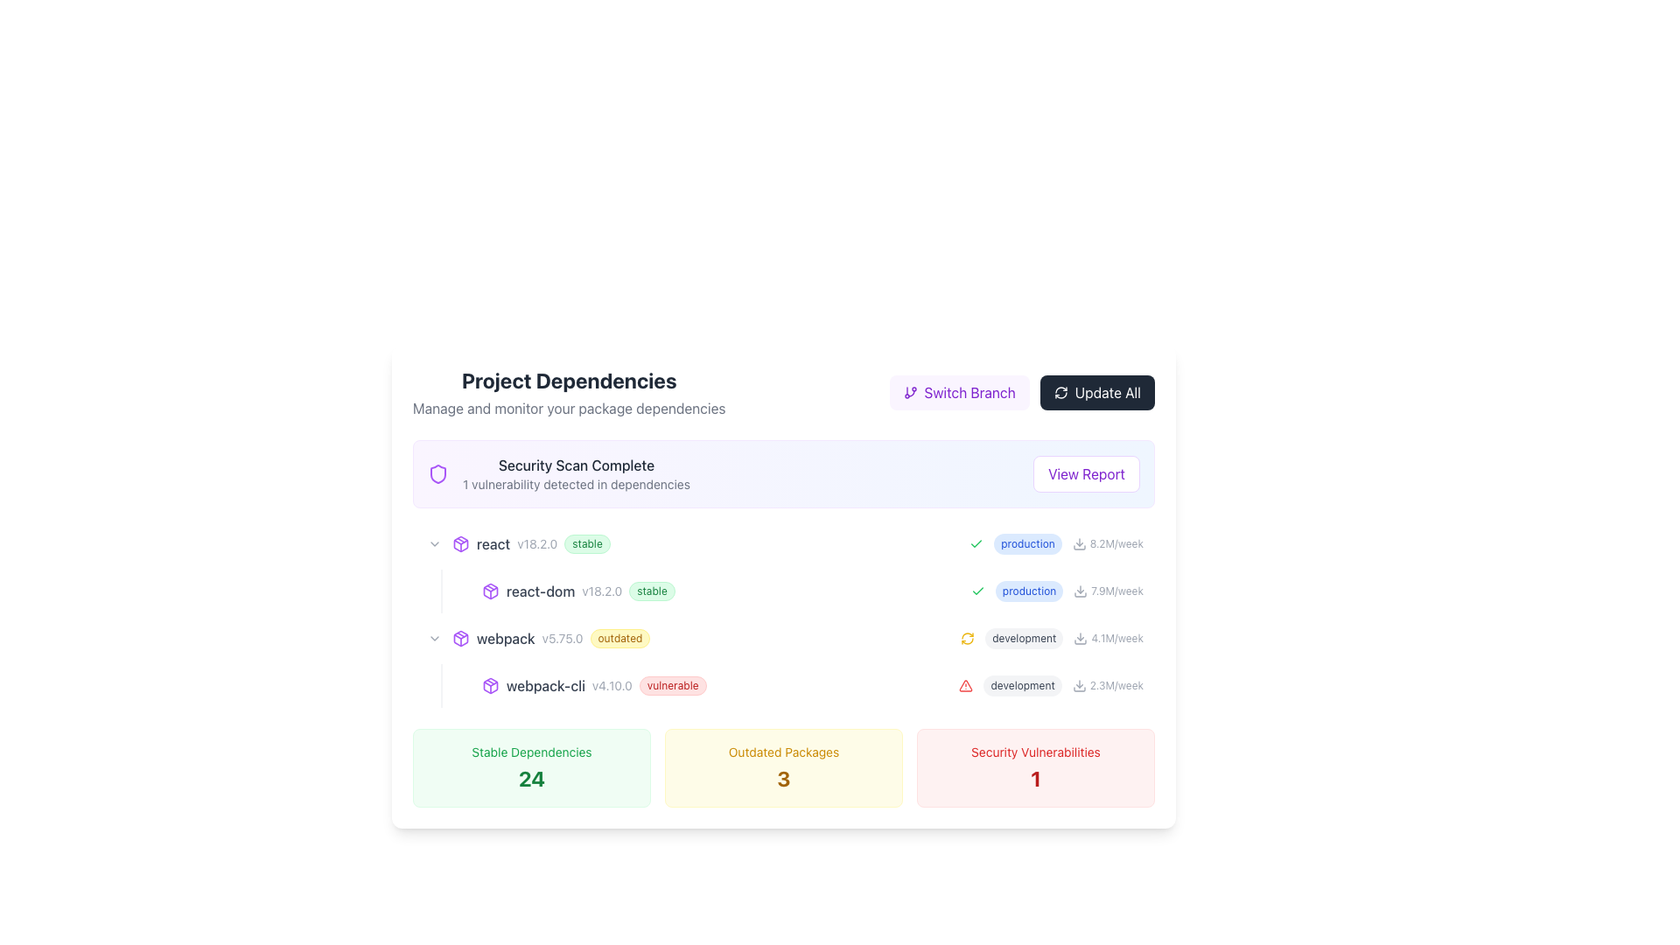 This screenshot has width=1680, height=945. What do you see at coordinates (651, 591) in the screenshot?
I see `the content of the small rectangular badge with a light green background and the text 'stable' in green, located to the right of the version number 'v18.2.0'` at bounding box center [651, 591].